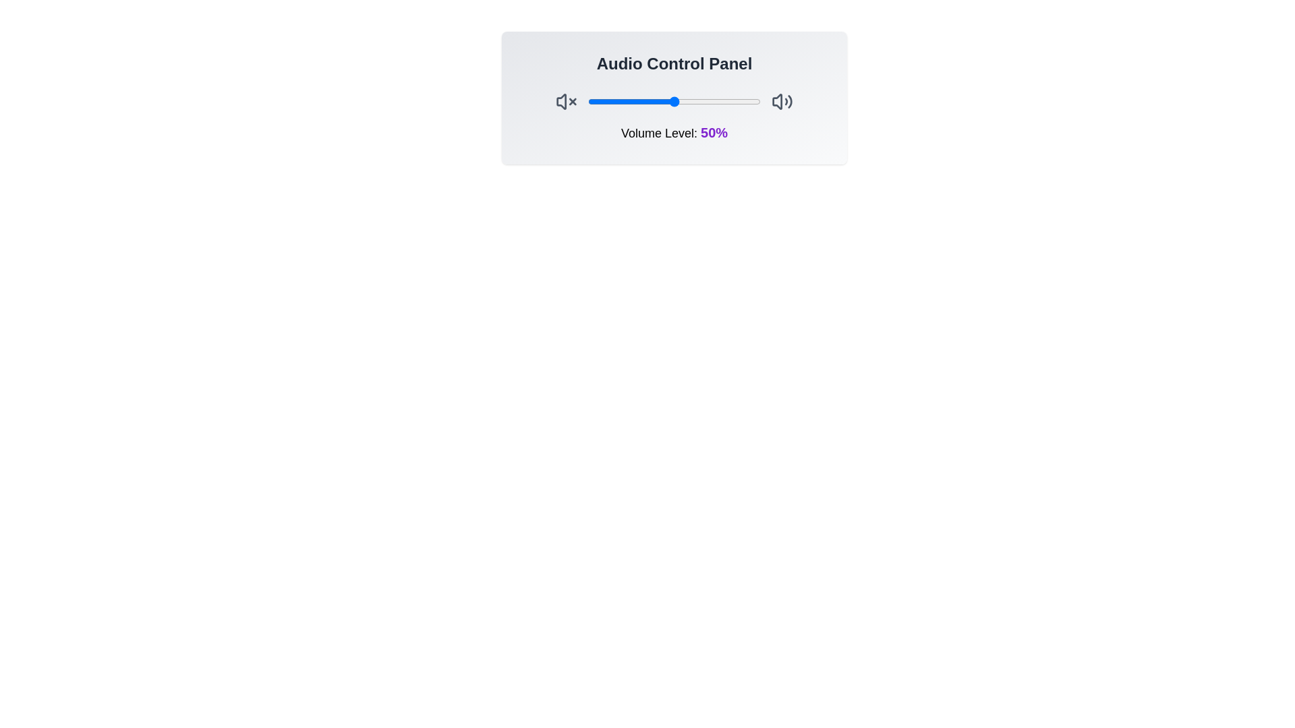 The height and width of the screenshot is (728, 1295). I want to click on volume, so click(593, 100).